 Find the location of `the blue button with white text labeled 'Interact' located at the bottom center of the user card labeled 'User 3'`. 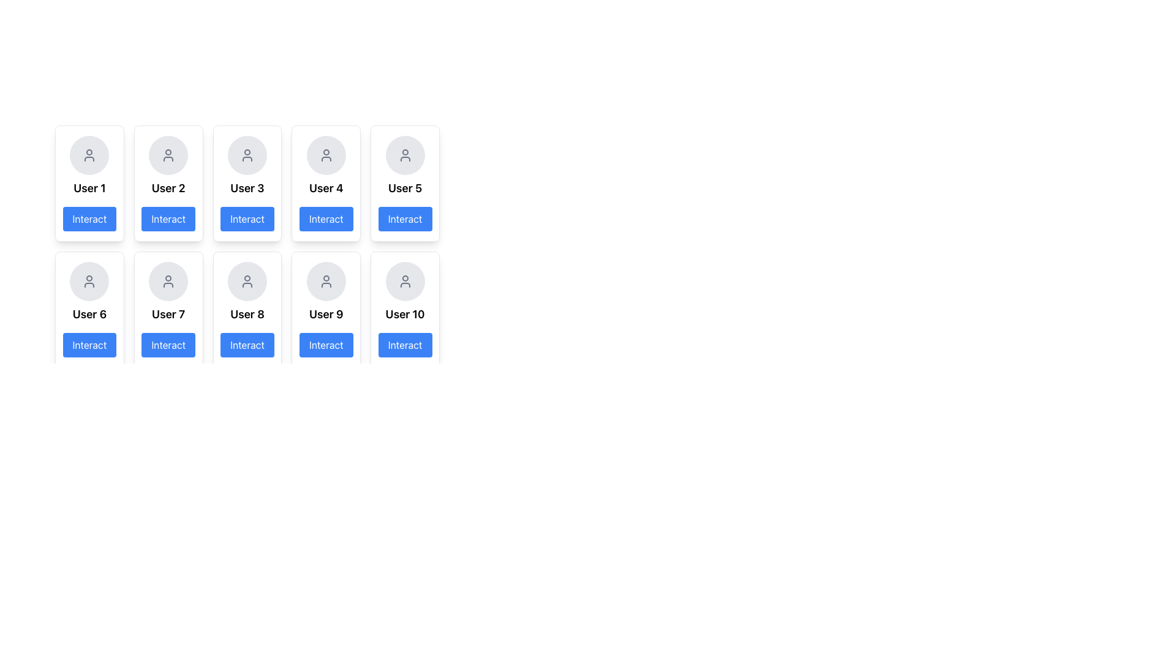

the blue button with white text labeled 'Interact' located at the bottom center of the user card labeled 'User 3' is located at coordinates (246, 218).